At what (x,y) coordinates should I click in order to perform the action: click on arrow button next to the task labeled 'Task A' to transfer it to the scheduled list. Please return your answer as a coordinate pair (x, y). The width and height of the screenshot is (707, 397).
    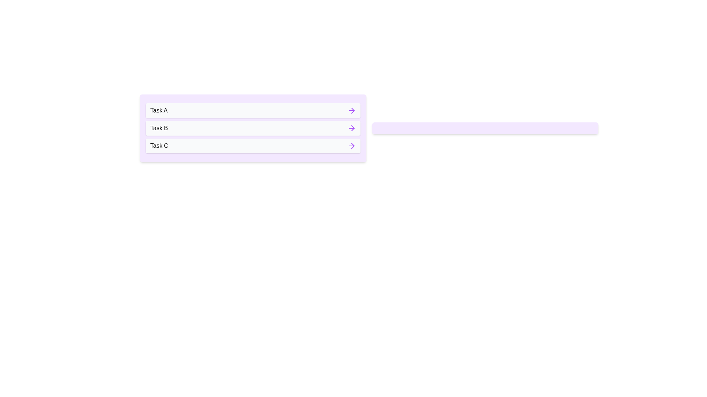
    Looking at the image, I should click on (351, 110).